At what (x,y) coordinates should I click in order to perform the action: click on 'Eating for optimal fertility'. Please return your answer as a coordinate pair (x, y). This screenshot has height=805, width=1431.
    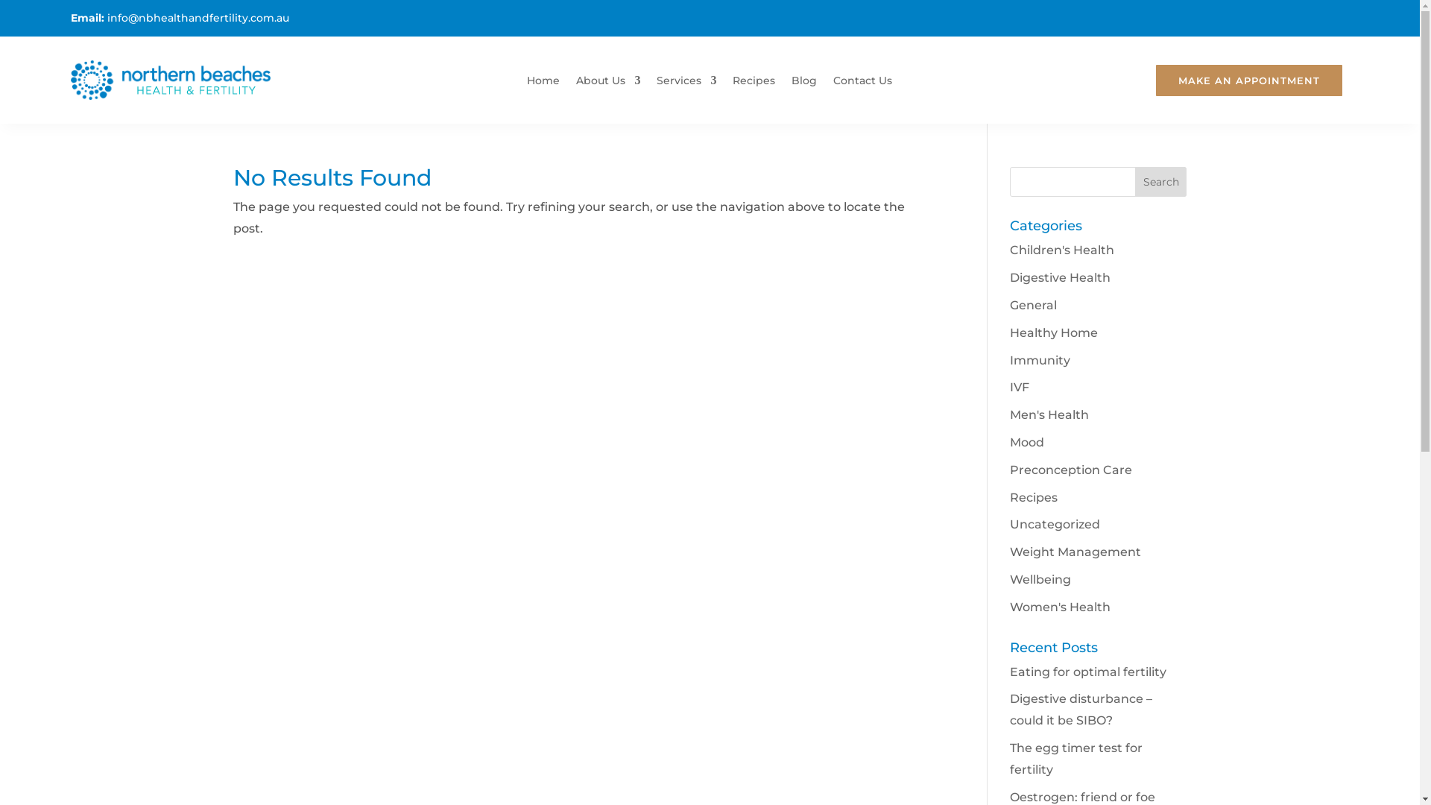
    Looking at the image, I should click on (1087, 672).